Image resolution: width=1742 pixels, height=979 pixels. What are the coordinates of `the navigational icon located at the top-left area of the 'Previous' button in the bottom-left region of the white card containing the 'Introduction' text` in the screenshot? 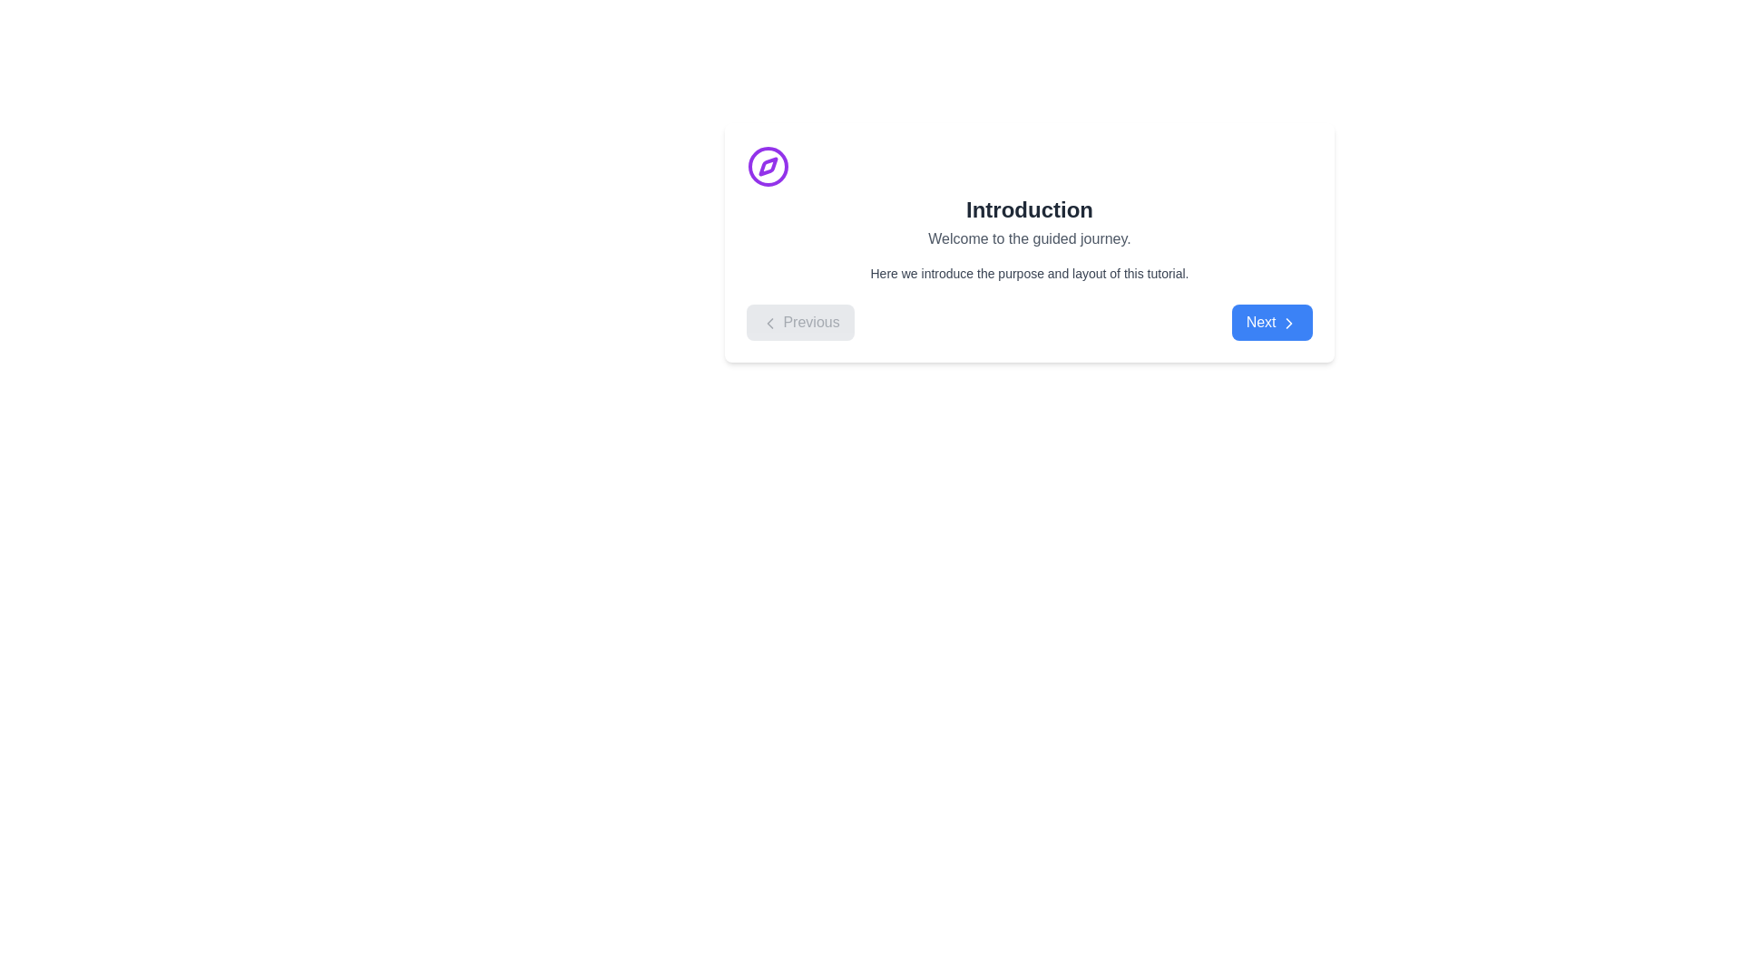 It's located at (770, 321).